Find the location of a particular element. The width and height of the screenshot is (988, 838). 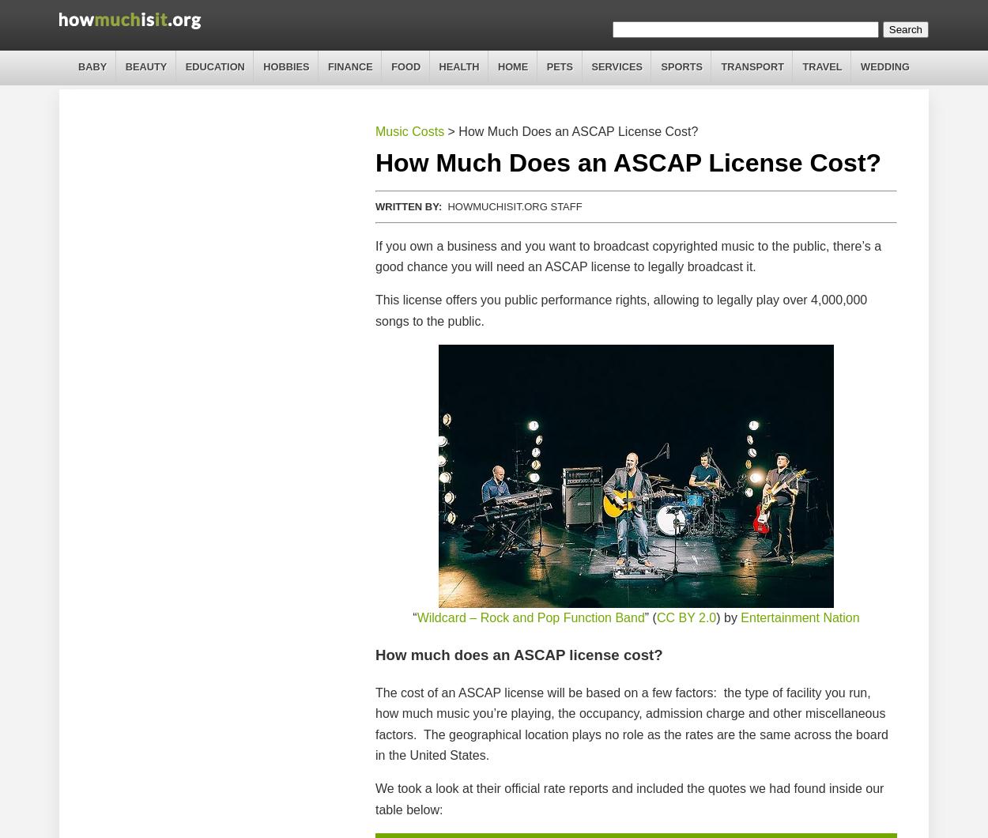

'Travel' is located at coordinates (822, 66).